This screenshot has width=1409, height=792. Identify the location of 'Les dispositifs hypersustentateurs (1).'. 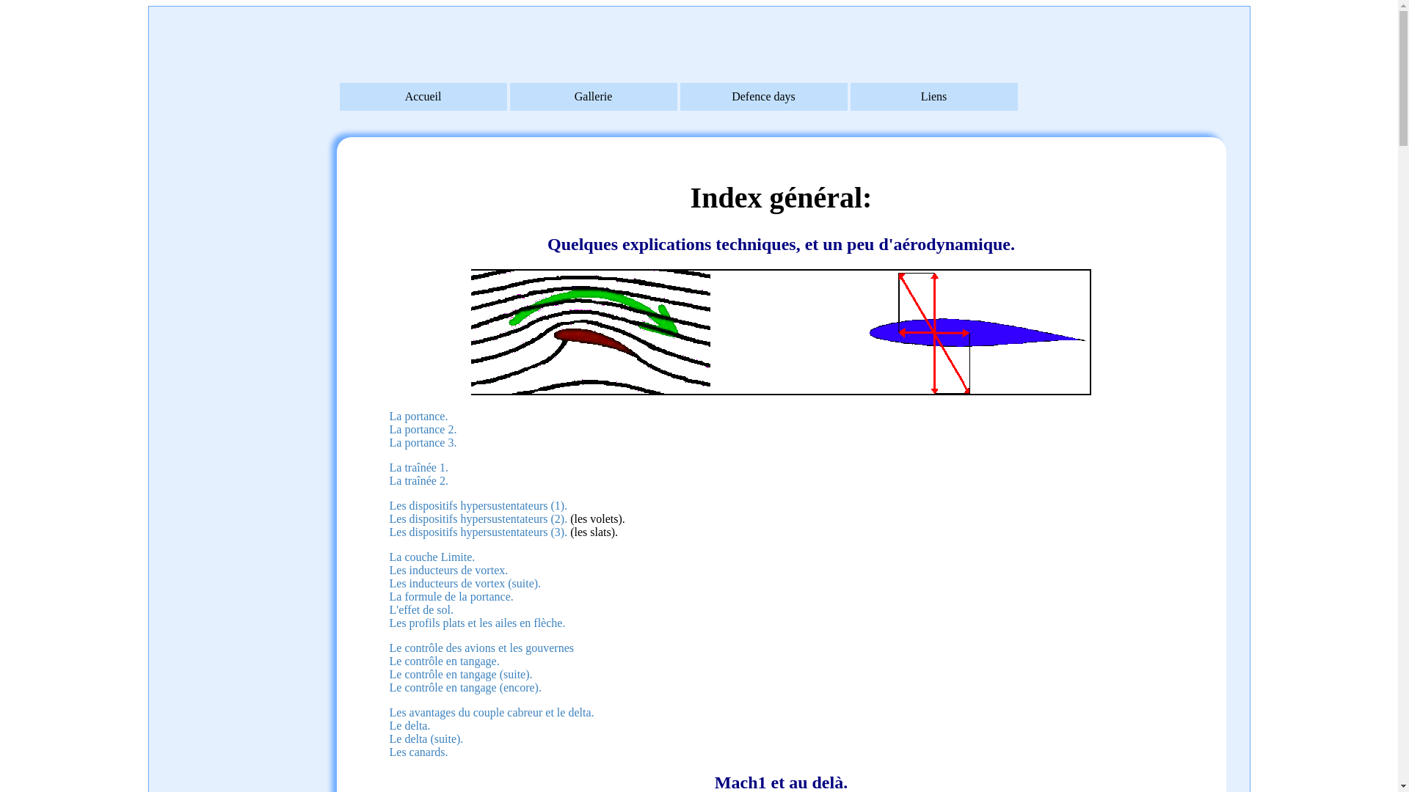
(388, 504).